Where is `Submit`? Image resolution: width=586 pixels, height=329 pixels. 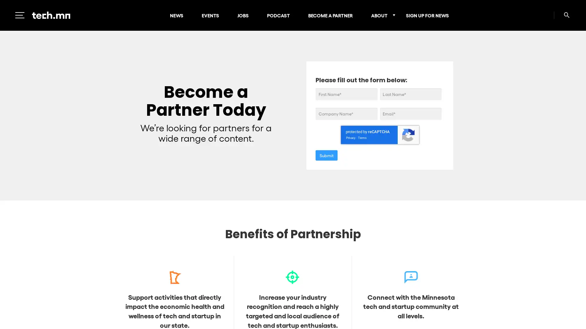
Submit is located at coordinates (326, 155).